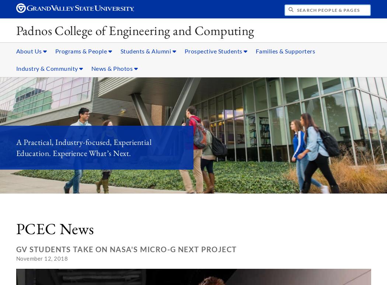  I want to click on 'Padnos College of Engineering and Computing', so click(135, 30).